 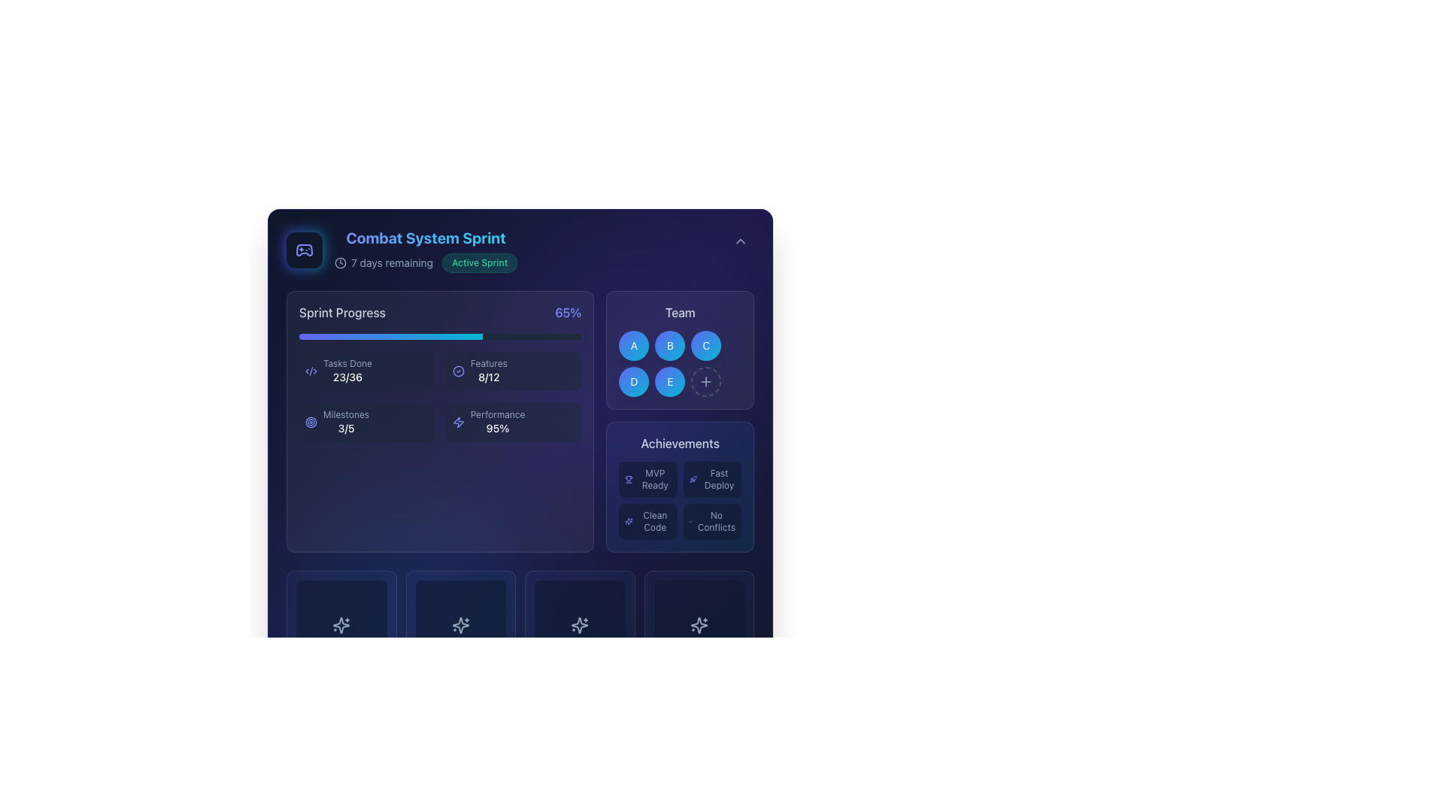 I want to click on the 'TeamABCDE' text label which serves as a header for the section identifying related contents below it, so click(x=679, y=312).